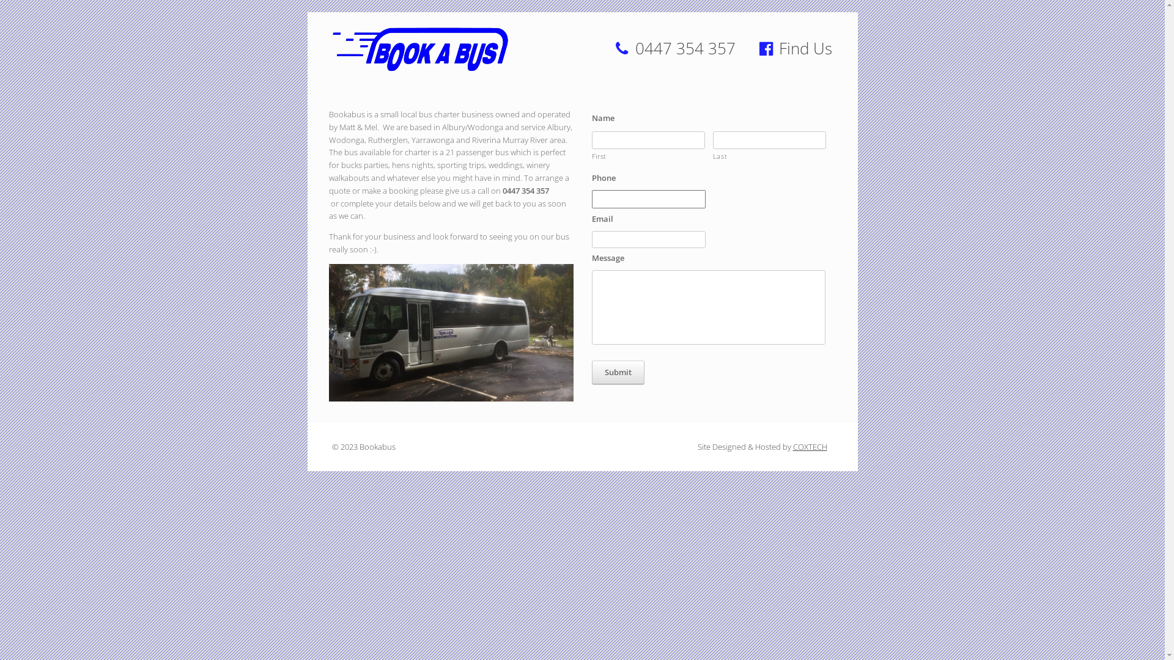  Describe the element at coordinates (420, 49) in the screenshot. I see `'Bookabus'` at that location.